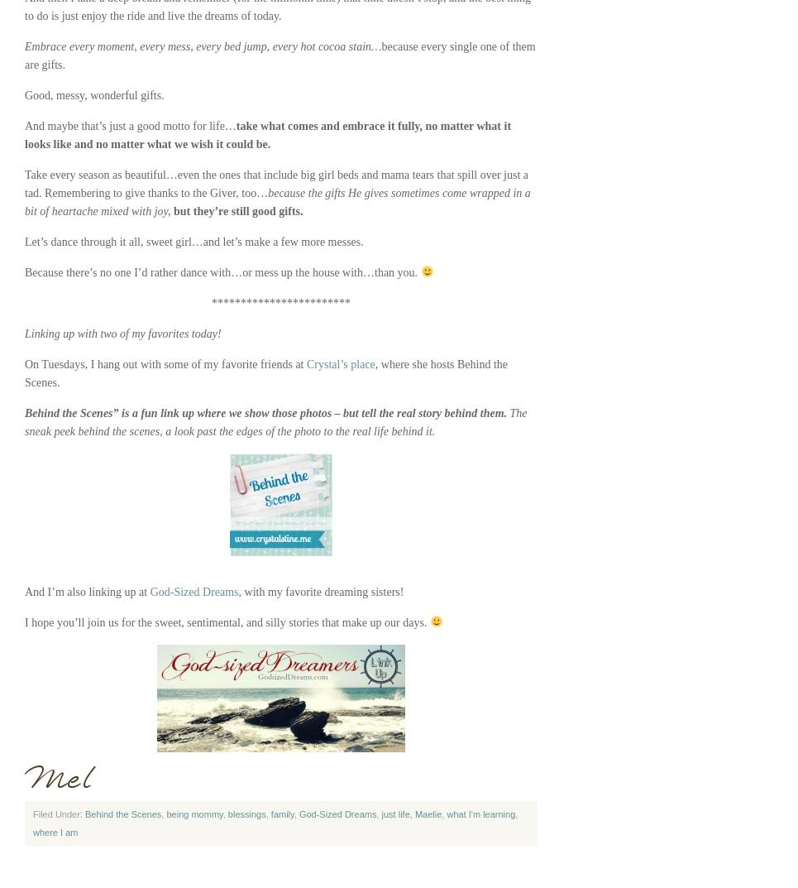 This screenshot has height=888, width=798. What do you see at coordinates (275, 421) in the screenshot?
I see `'The sneak peek behind the scenes, a look past the edges of the photo to the real life behind it.'` at bounding box center [275, 421].